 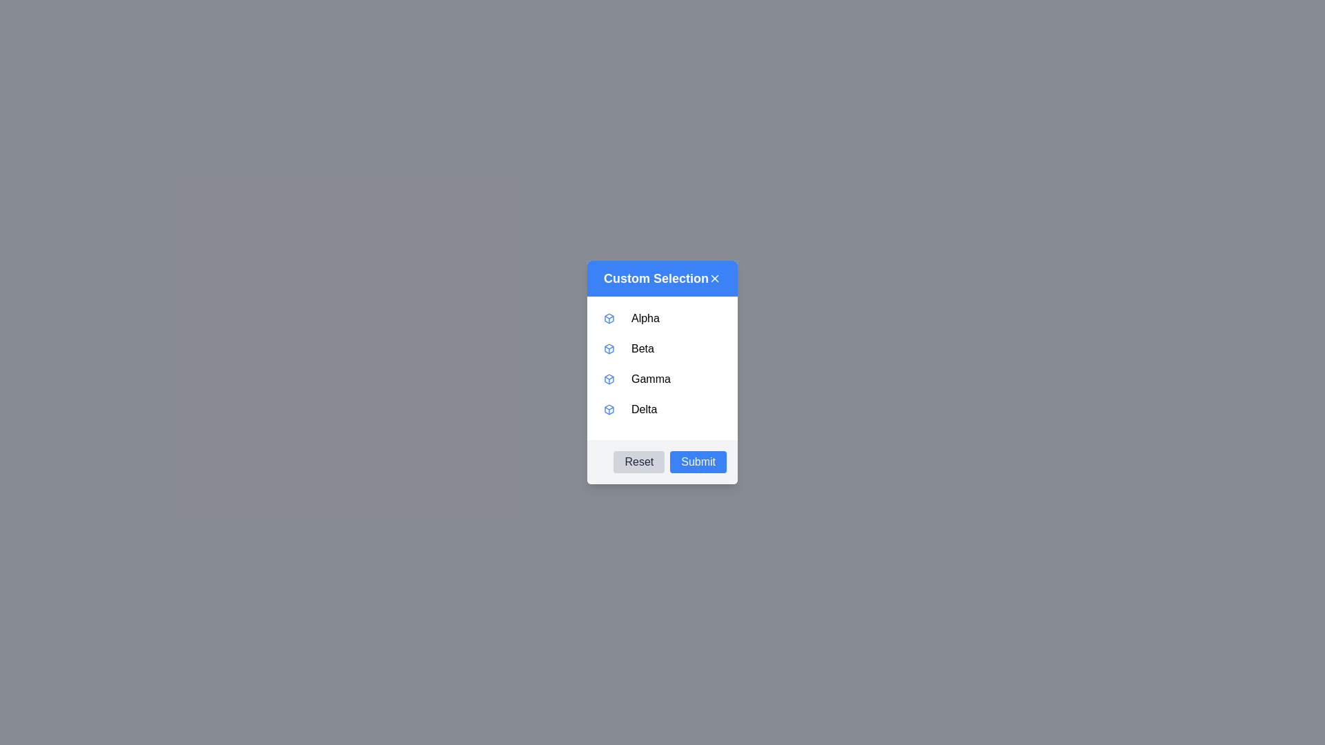 What do you see at coordinates (609, 379) in the screenshot?
I see `the circular icon button with a blue outline and a cube-shaped glyph, located beside the text 'Gamma' in the third row of the list` at bounding box center [609, 379].